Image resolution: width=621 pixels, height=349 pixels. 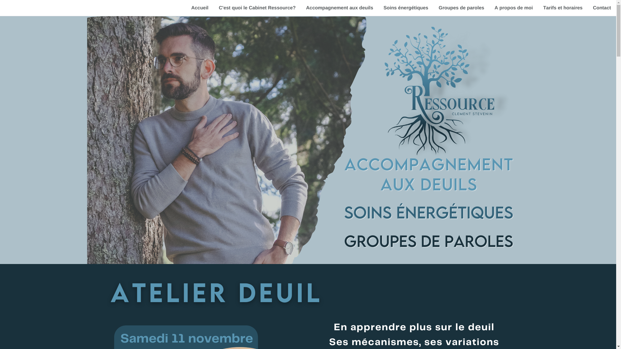 I want to click on 'Accueil', so click(x=199, y=8).